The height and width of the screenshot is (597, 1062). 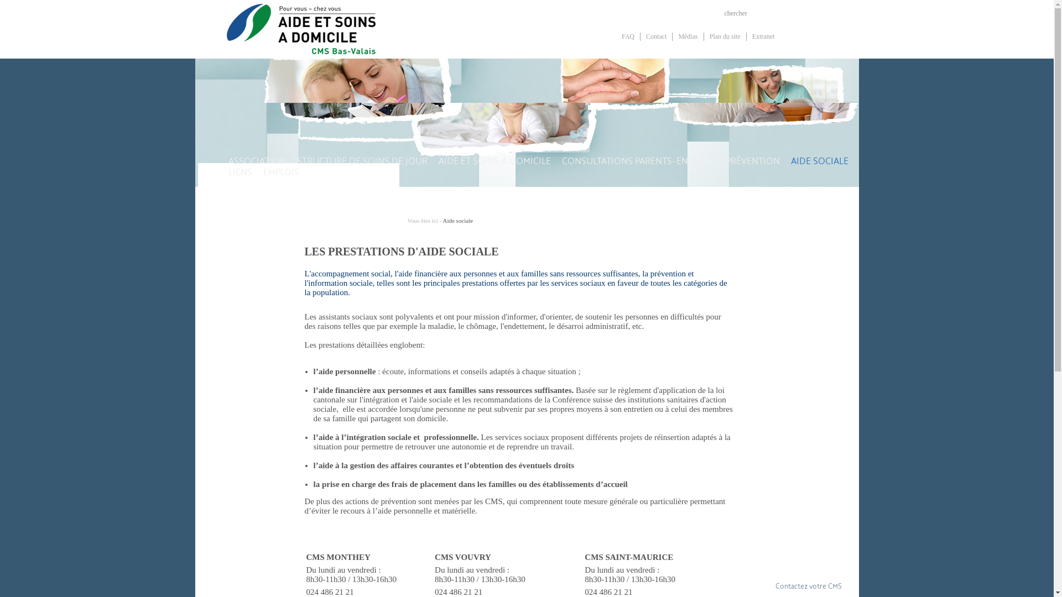 I want to click on 'LIENS', so click(x=239, y=187).